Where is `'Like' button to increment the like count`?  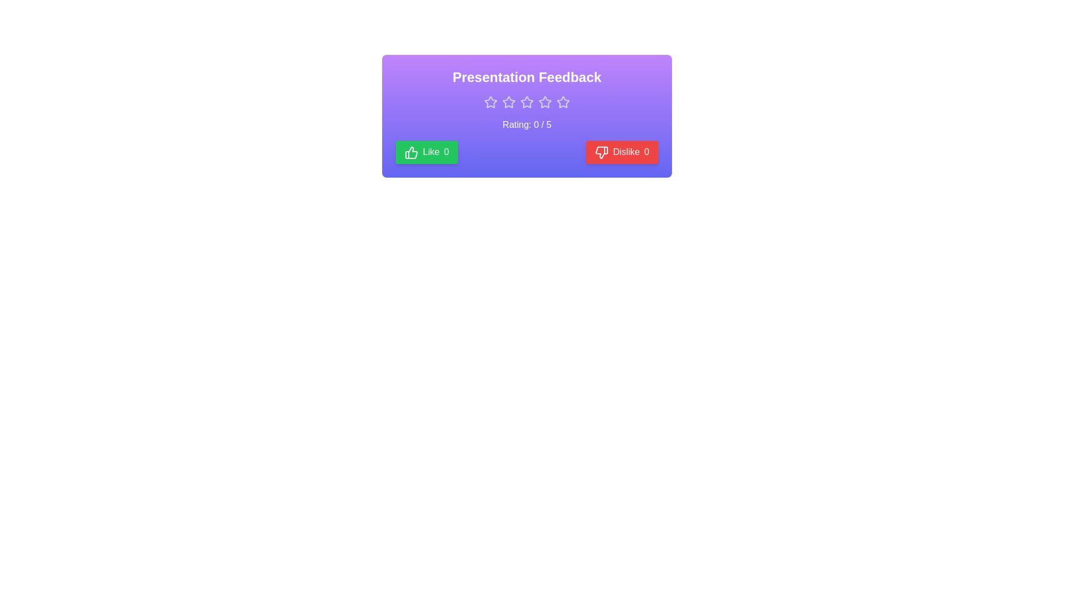 'Like' button to increment the like count is located at coordinates (426, 152).